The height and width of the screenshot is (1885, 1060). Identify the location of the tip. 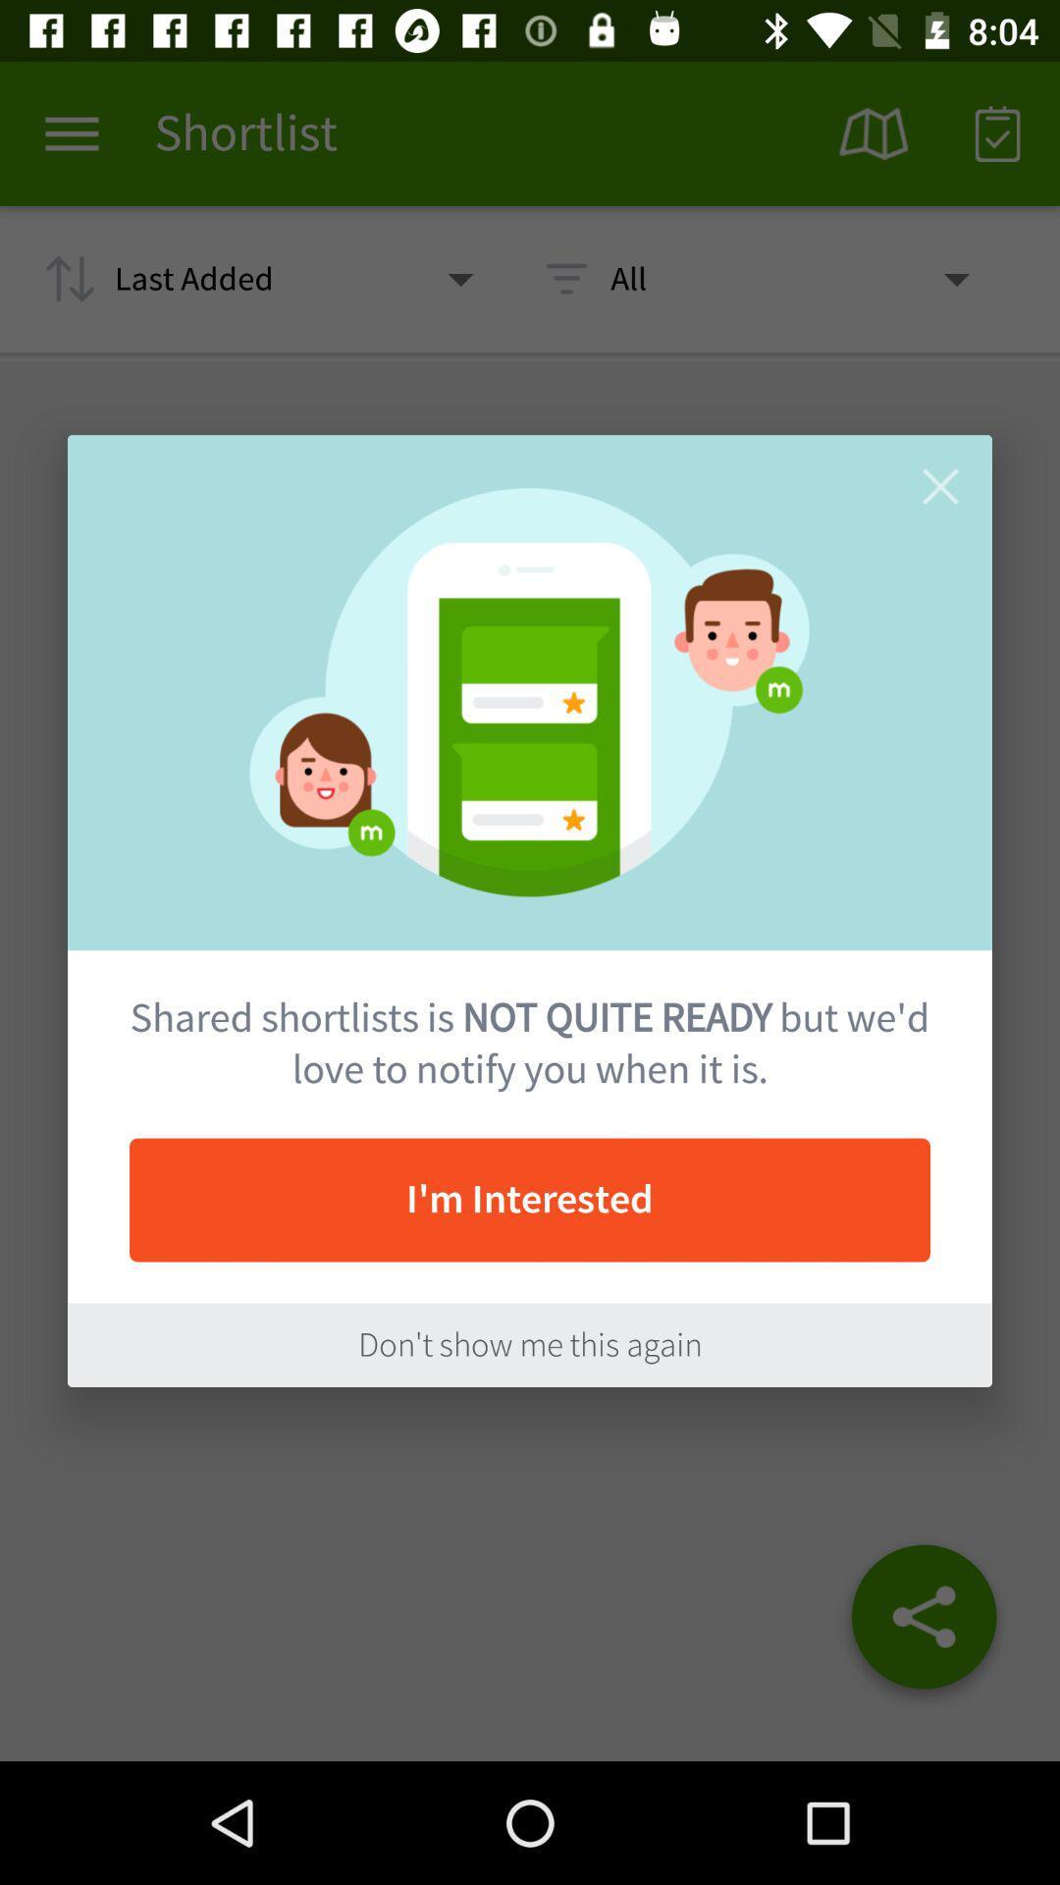
(939, 486).